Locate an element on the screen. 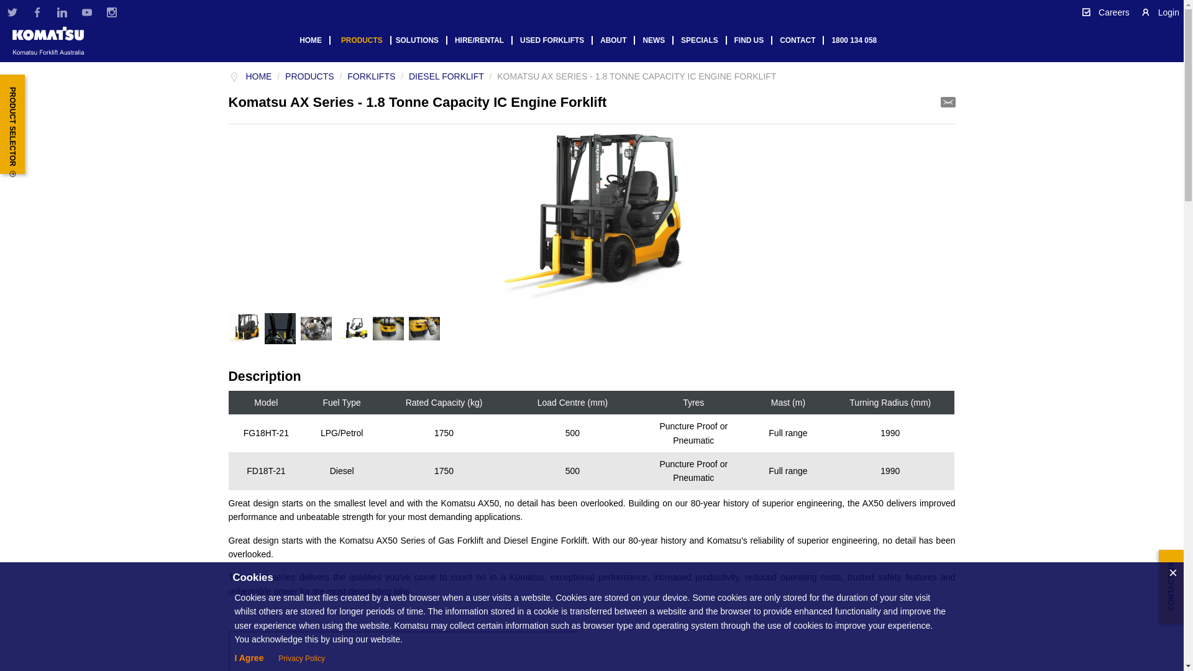 Image resolution: width=1193 pixels, height=671 pixels. 'PRODUCTS' is located at coordinates (365, 40).